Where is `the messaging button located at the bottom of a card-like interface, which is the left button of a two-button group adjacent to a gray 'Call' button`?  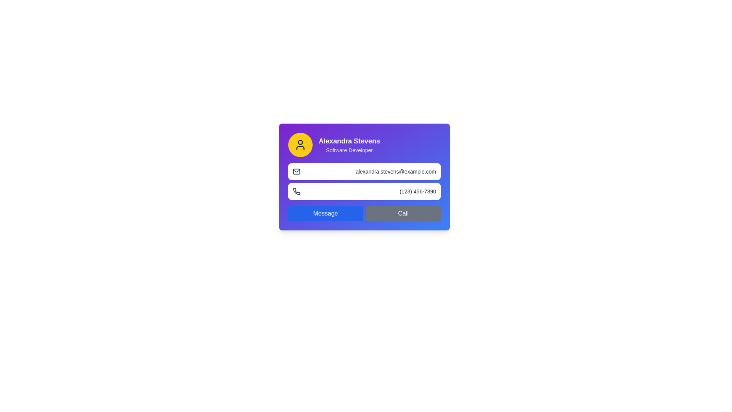 the messaging button located at the bottom of a card-like interface, which is the left button of a two-button group adjacent to a gray 'Call' button is located at coordinates (326, 213).